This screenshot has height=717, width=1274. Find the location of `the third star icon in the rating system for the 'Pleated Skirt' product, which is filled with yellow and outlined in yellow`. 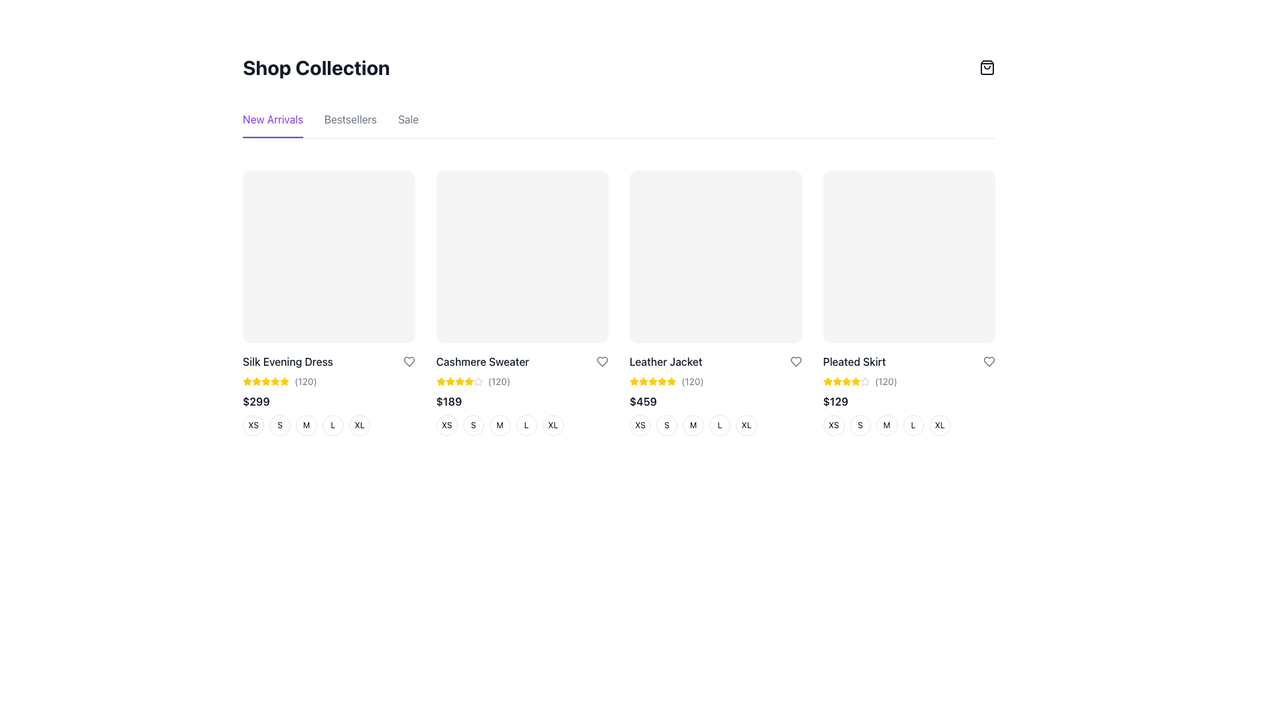

the third star icon in the rating system for the 'Pleated Skirt' product, which is filled with yellow and outlined in yellow is located at coordinates (836, 381).